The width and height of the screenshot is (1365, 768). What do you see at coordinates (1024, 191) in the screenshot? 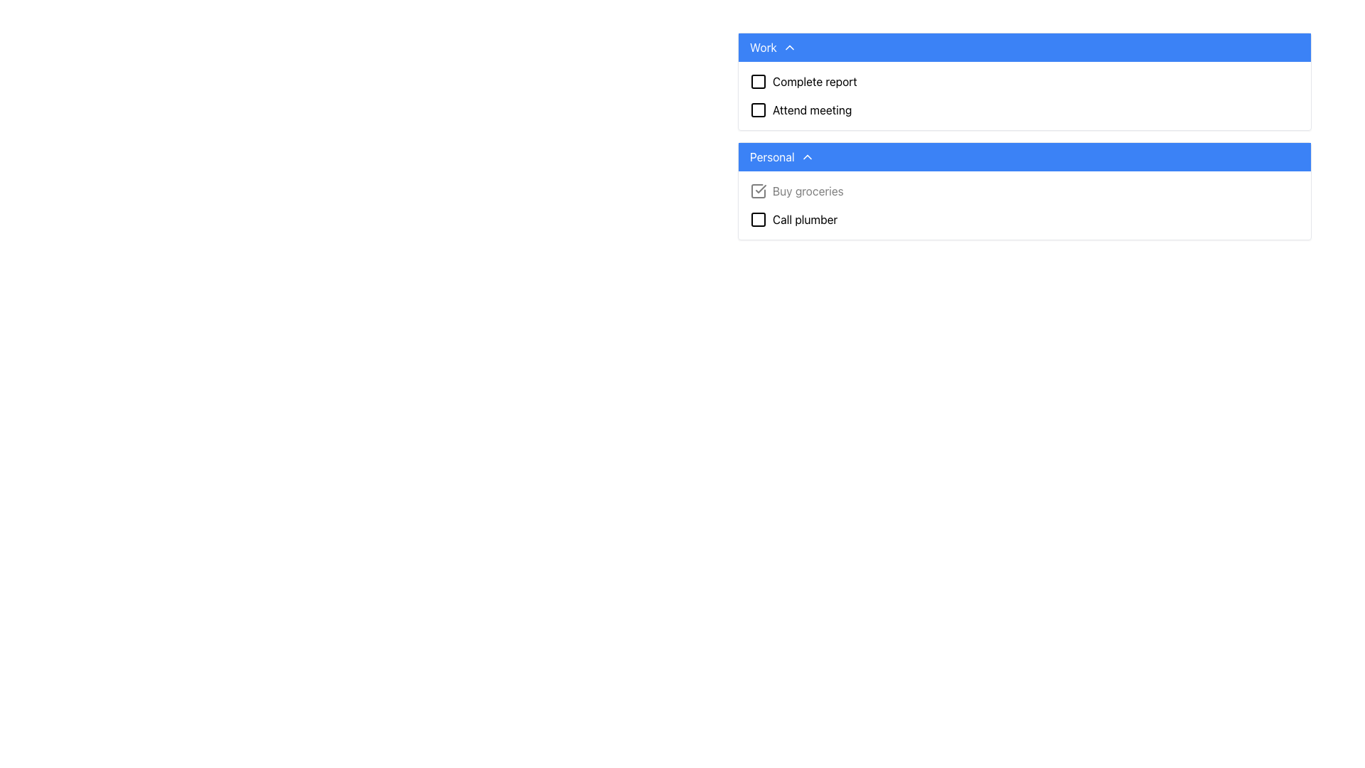
I see `the checkbox of the 'Buy groceries' list item in the 'Personal' category to mark it as done` at bounding box center [1024, 191].